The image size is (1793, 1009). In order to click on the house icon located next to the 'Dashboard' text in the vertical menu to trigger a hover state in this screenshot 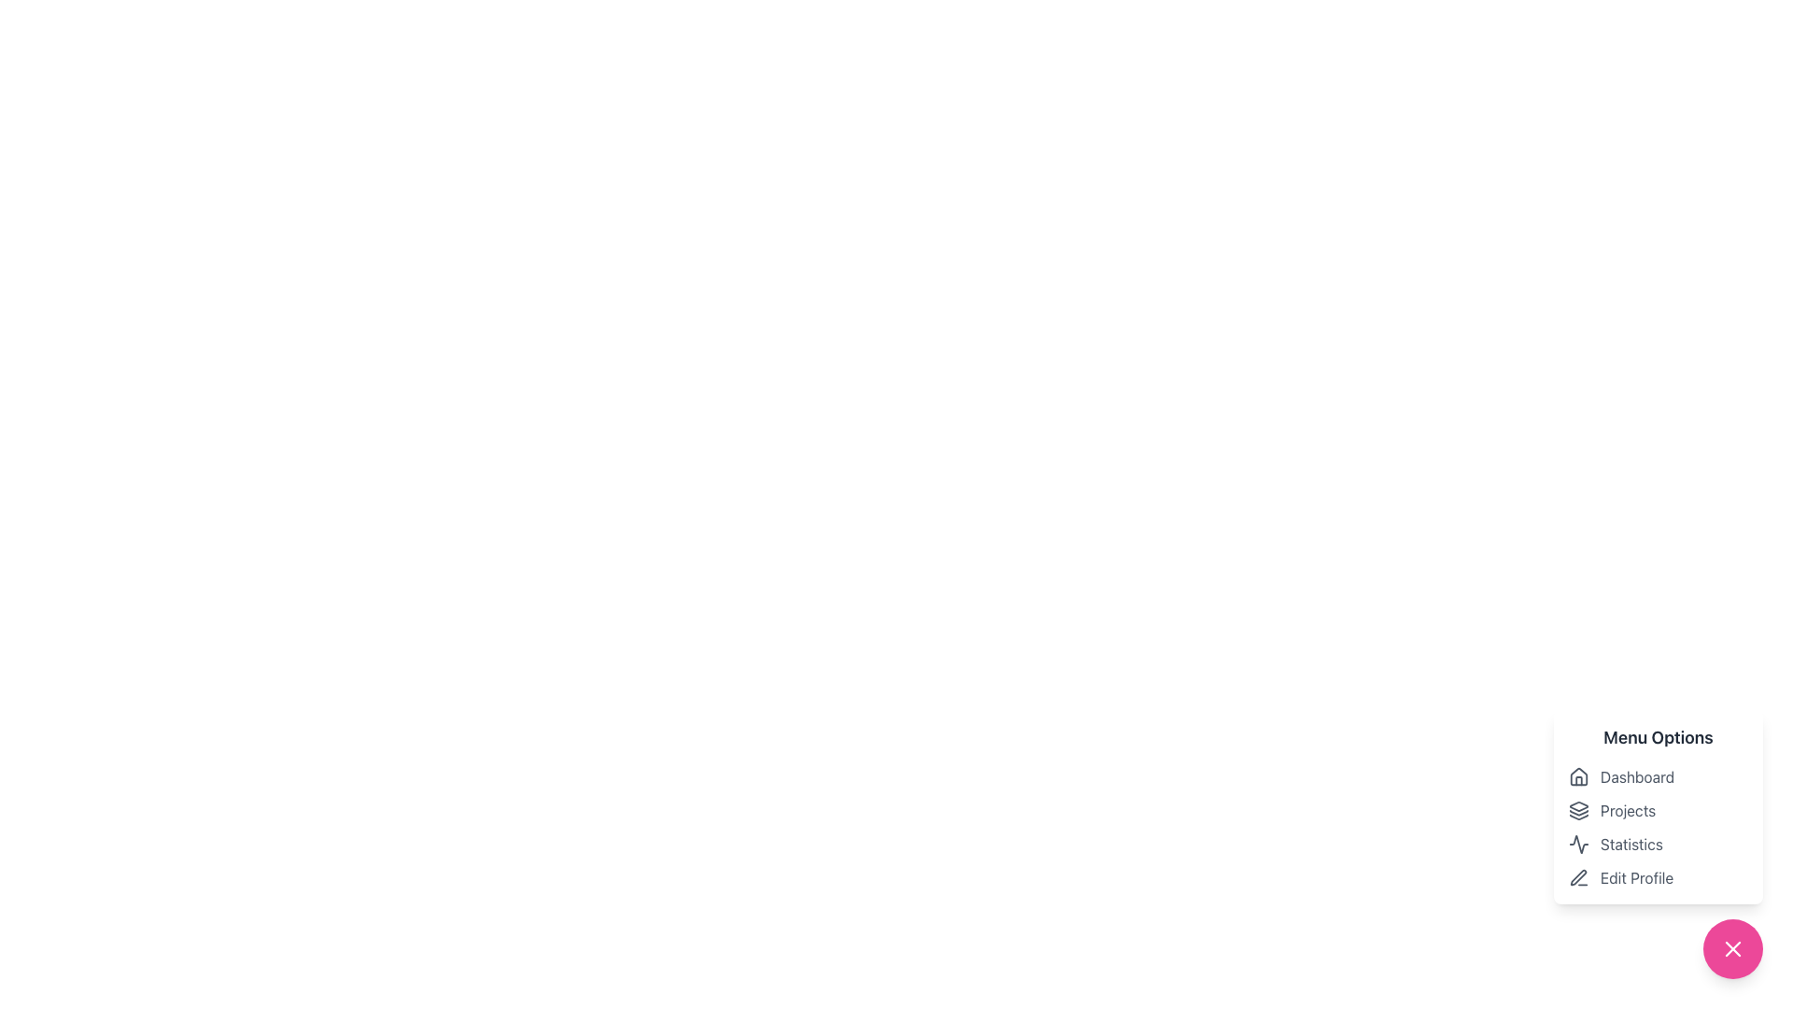, I will do `click(1577, 777)`.